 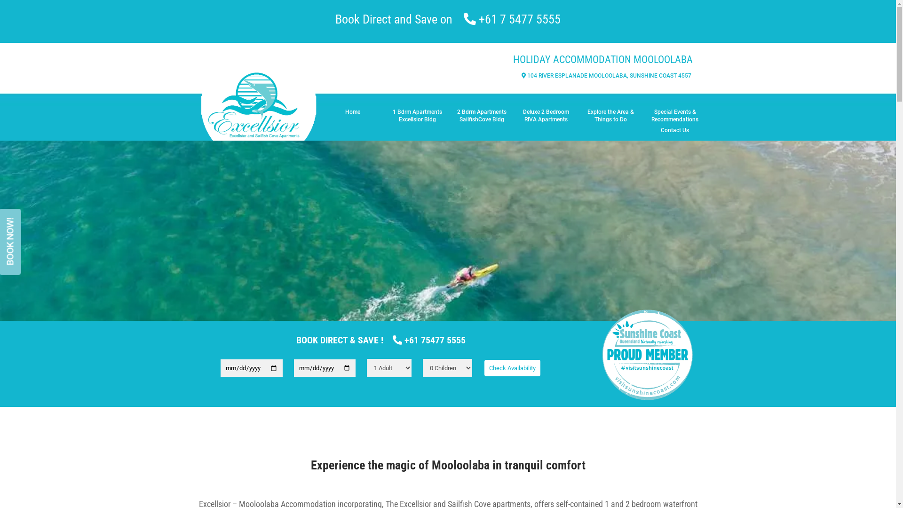 What do you see at coordinates (648, 355) in the screenshot?
I see `'SSC'` at bounding box center [648, 355].